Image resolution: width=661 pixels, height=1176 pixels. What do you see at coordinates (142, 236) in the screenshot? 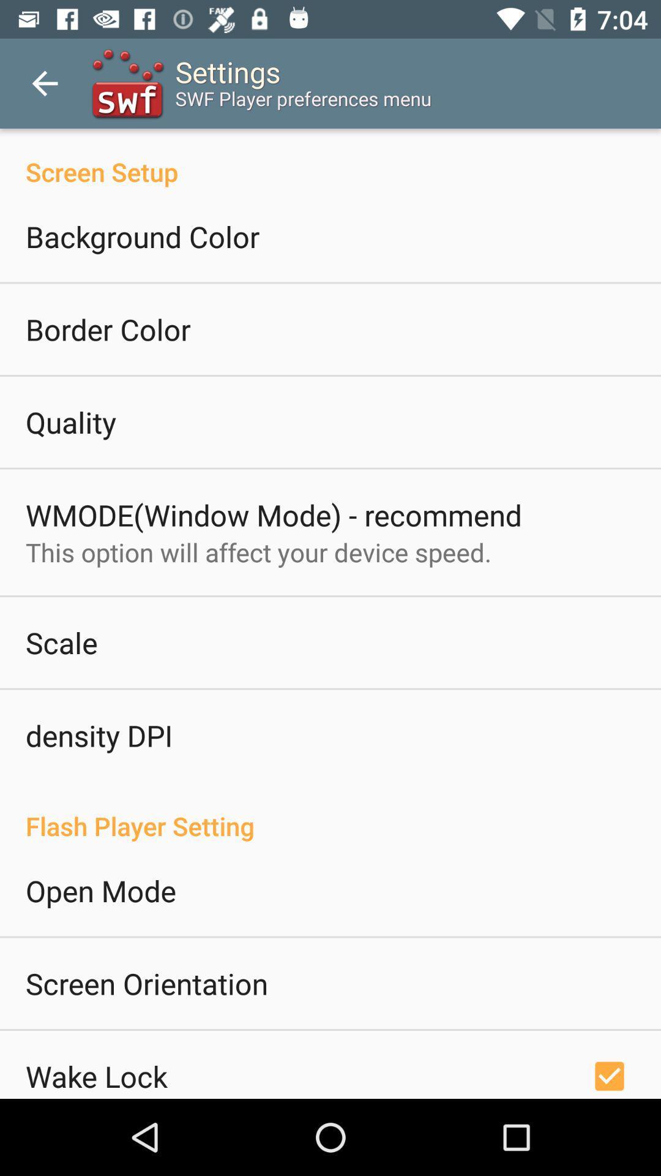
I see `icon above the border color` at bounding box center [142, 236].